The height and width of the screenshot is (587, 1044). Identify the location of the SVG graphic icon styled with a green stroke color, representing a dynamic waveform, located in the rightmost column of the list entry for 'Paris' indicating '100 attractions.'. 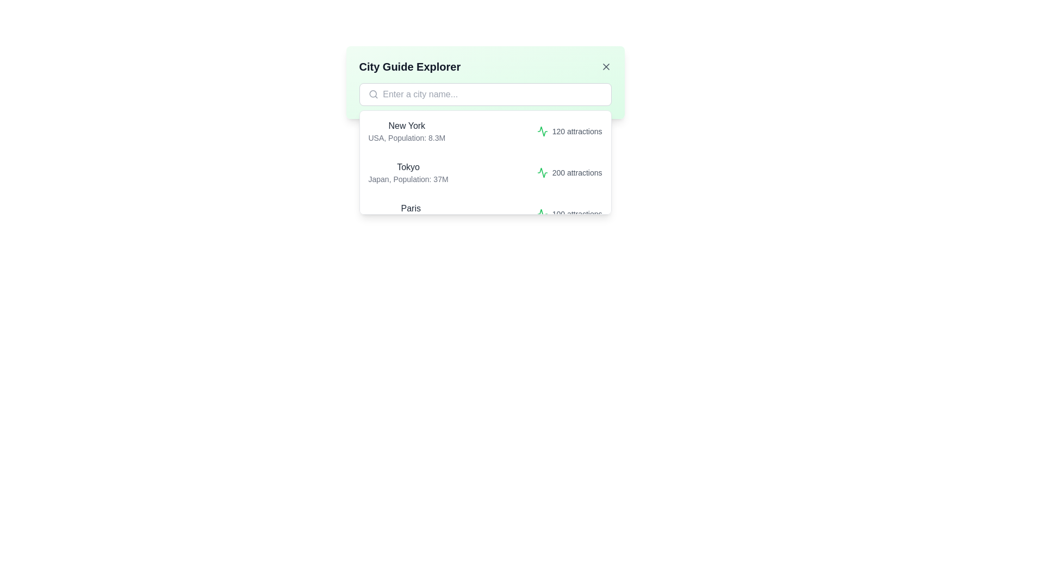
(542, 214).